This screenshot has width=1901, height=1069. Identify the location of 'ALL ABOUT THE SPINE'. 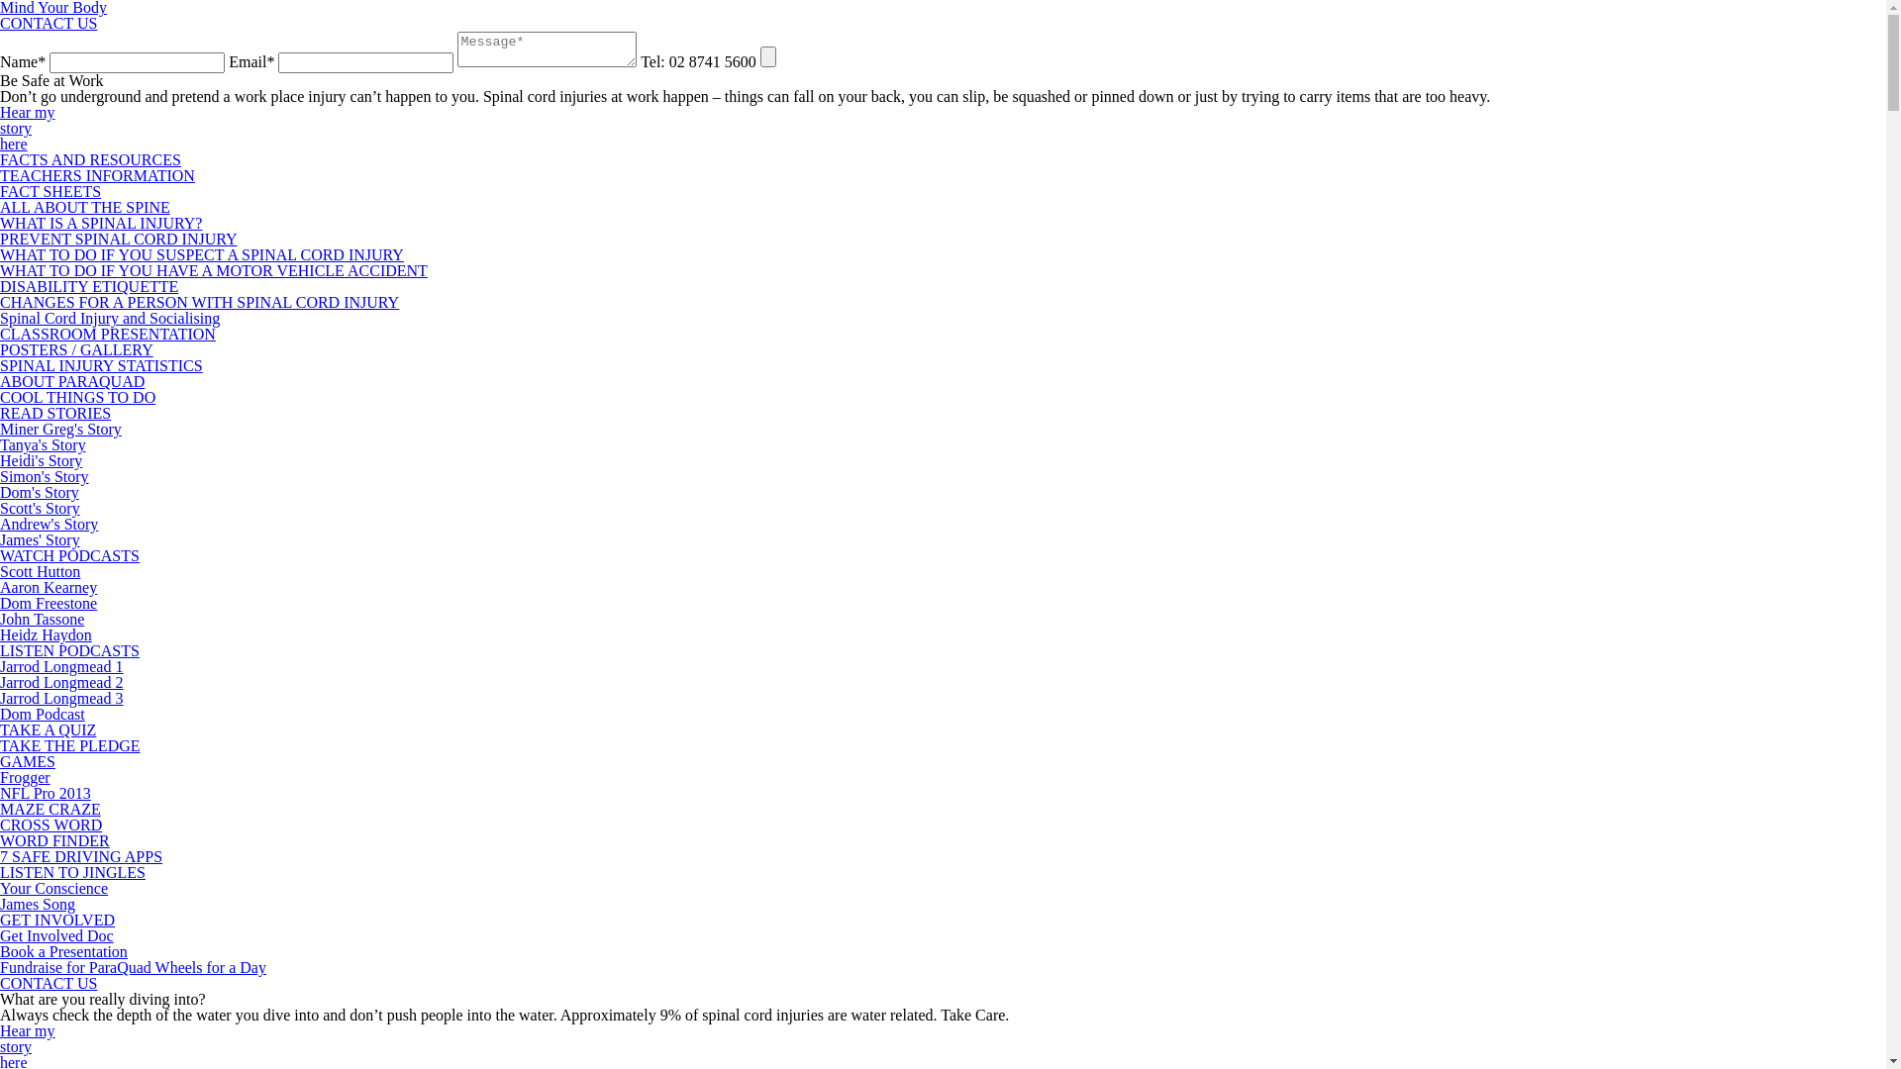
(84, 207).